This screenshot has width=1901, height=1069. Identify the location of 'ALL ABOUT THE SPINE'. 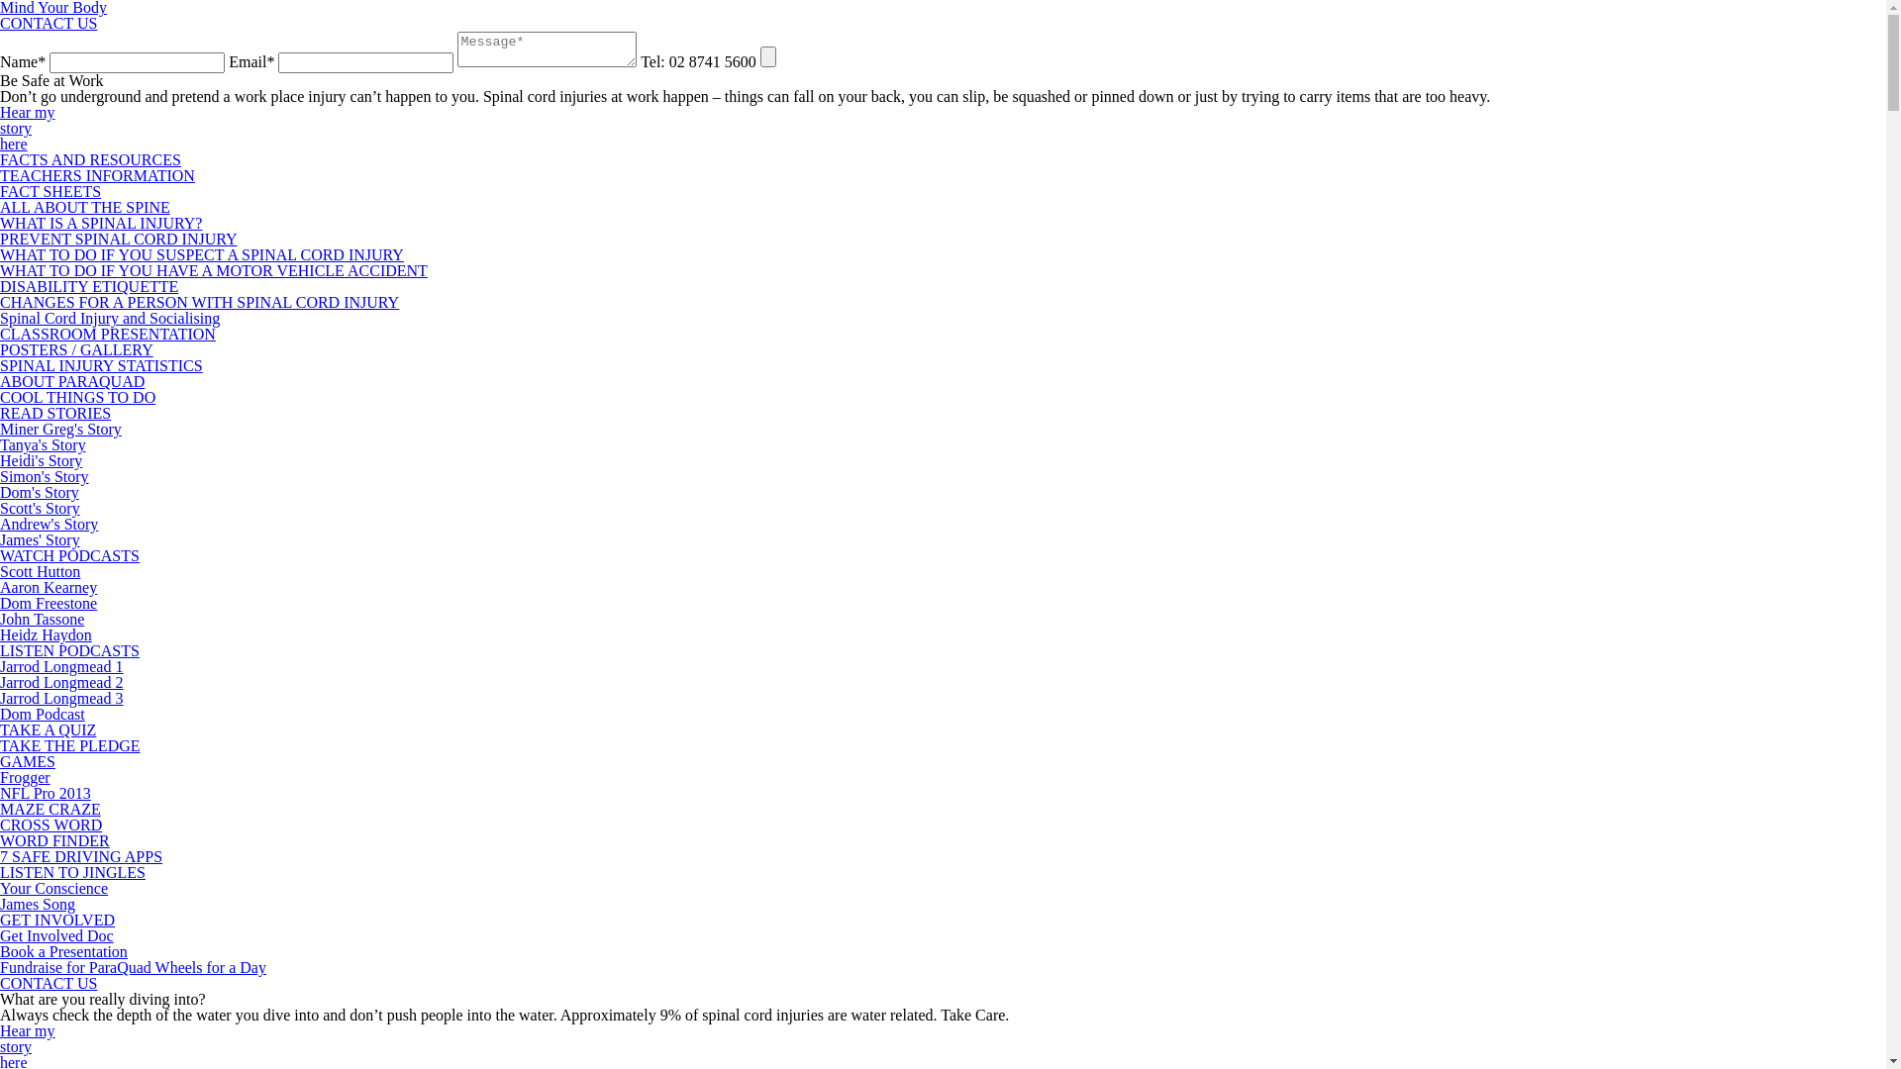
(84, 207).